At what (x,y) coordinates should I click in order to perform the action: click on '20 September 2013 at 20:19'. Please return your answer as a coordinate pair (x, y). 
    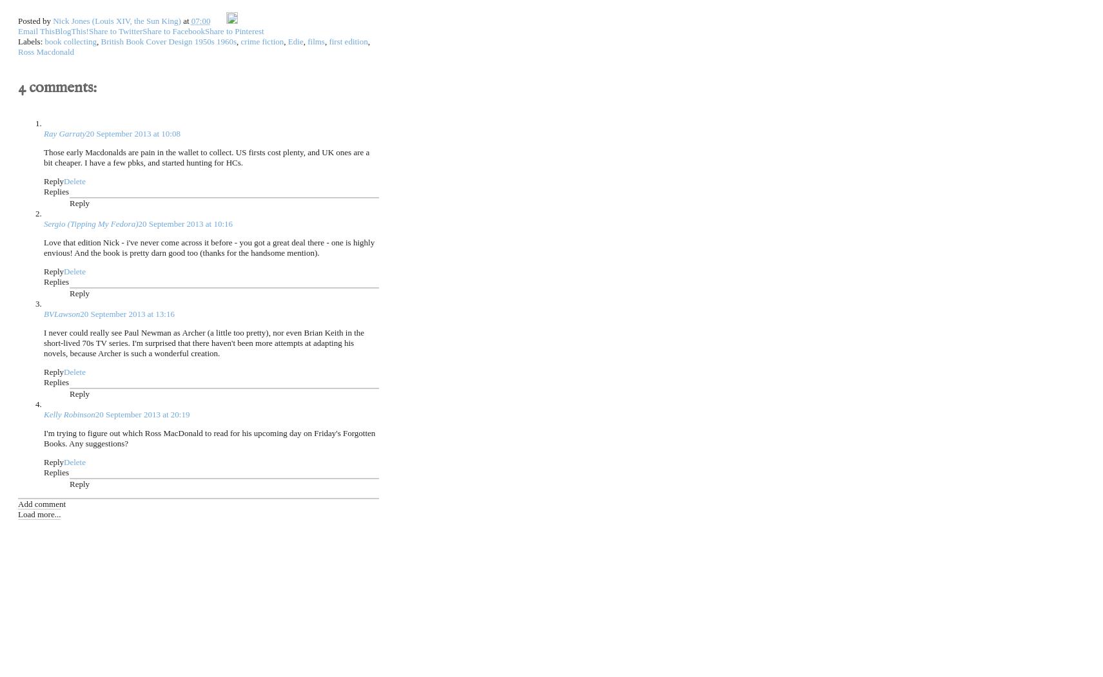
    Looking at the image, I should click on (141, 413).